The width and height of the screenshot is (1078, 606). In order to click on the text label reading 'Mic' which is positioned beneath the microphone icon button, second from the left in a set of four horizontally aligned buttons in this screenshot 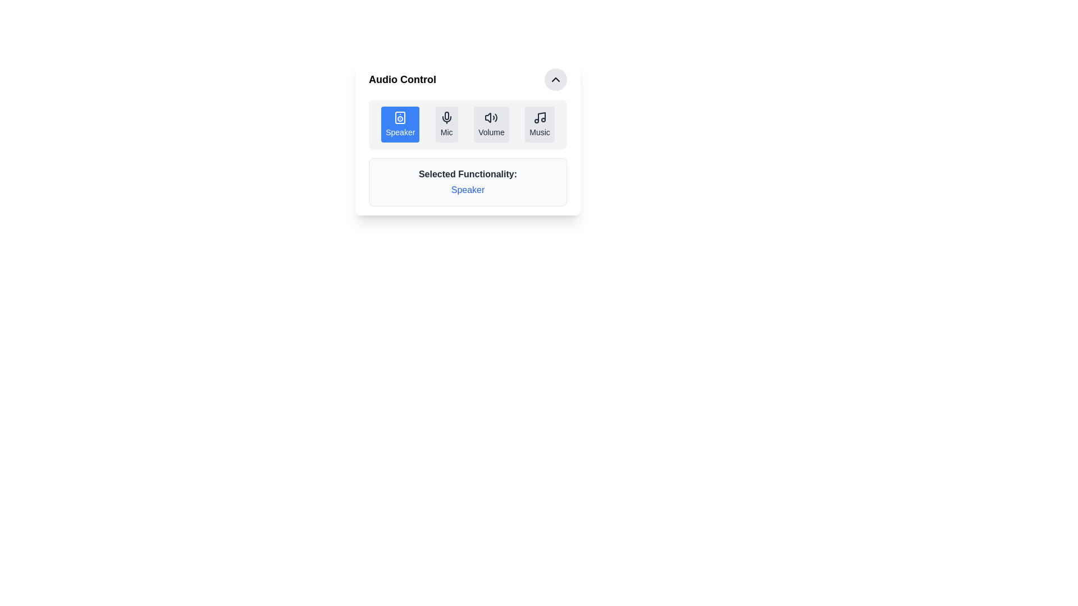, I will do `click(446, 131)`.